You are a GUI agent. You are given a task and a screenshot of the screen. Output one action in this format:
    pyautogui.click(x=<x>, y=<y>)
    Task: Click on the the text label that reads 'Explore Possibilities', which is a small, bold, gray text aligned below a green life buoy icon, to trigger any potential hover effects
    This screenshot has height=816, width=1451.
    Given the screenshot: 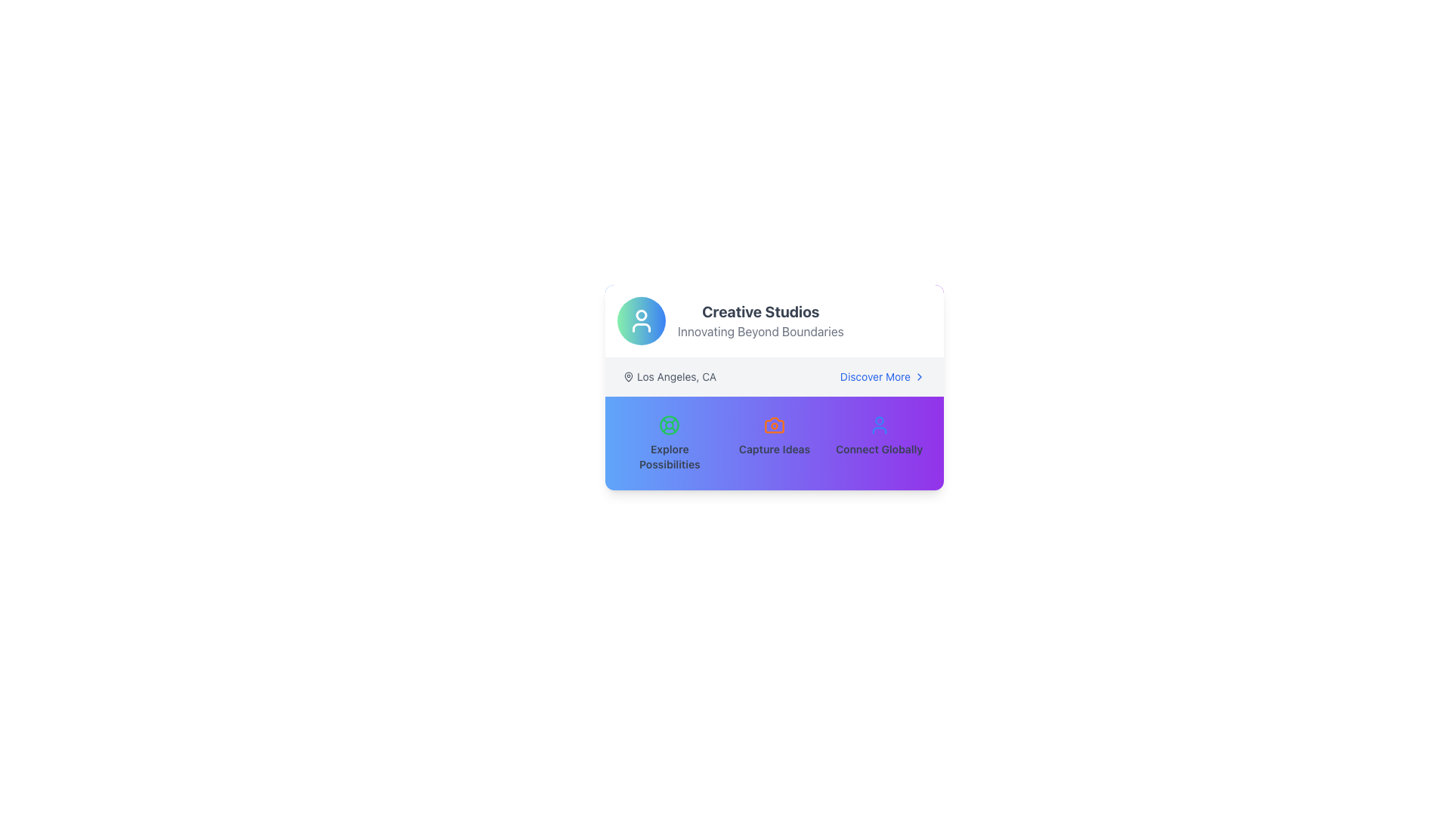 What is the action you would take?
    pyautogui.click(x=669, y=456)
    